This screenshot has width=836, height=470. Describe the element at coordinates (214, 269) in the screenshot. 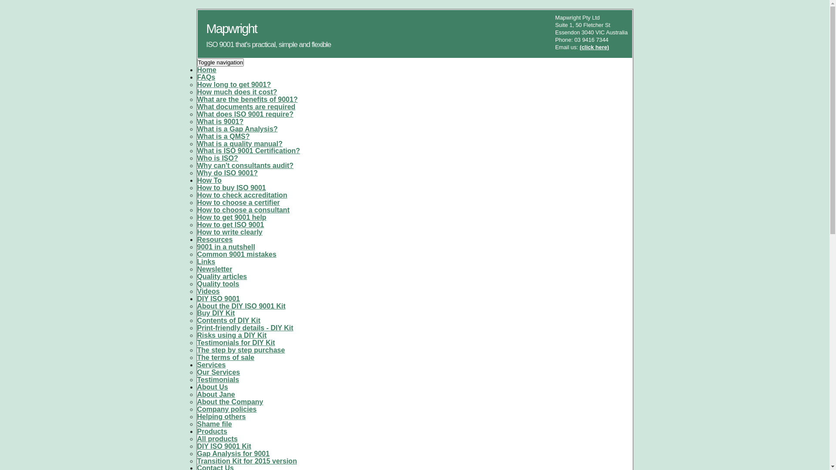

I see `'Newsletter'` at that location.